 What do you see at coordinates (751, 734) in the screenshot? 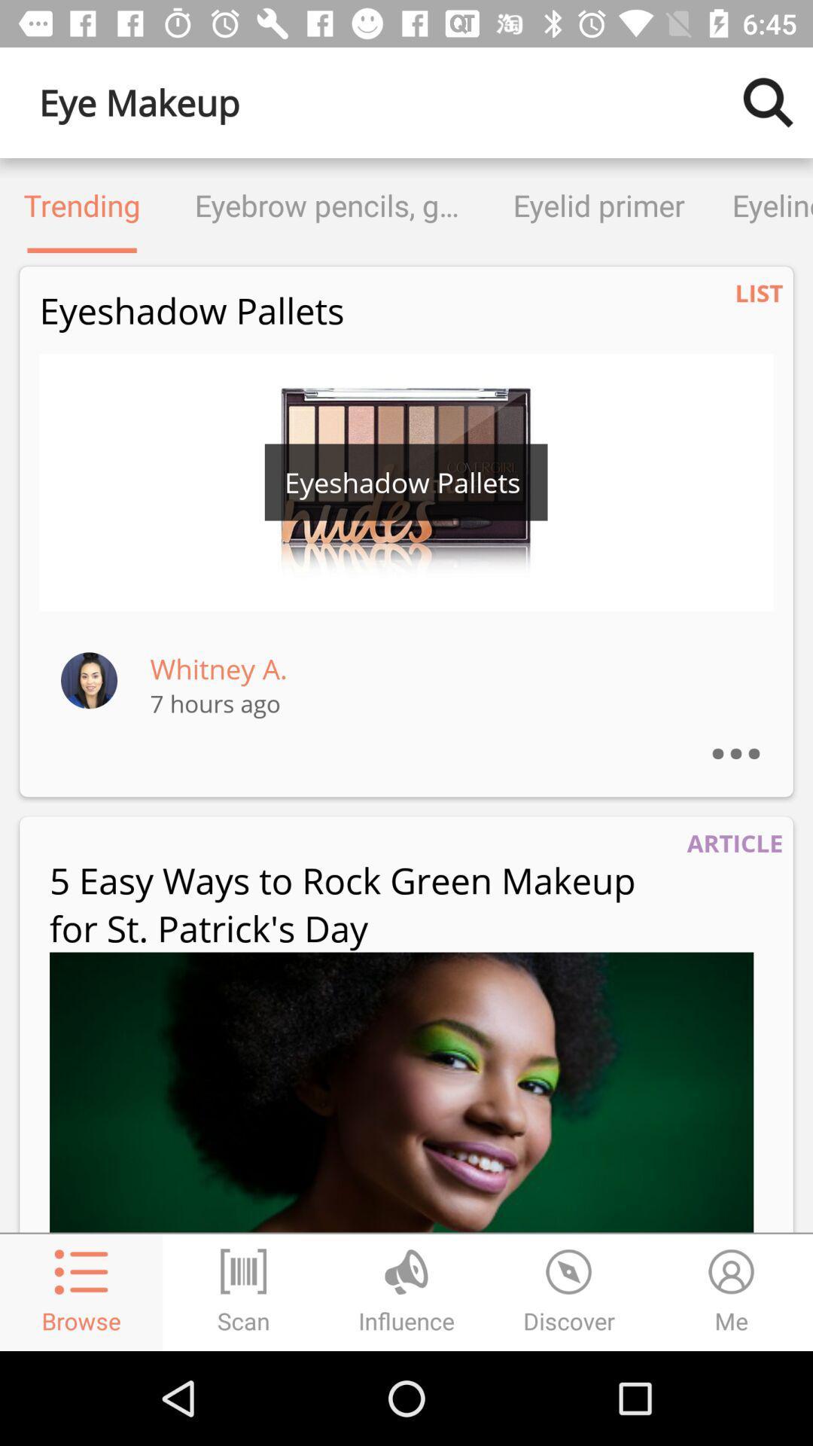
I see `the item above article` at bounding box center [751, 734].